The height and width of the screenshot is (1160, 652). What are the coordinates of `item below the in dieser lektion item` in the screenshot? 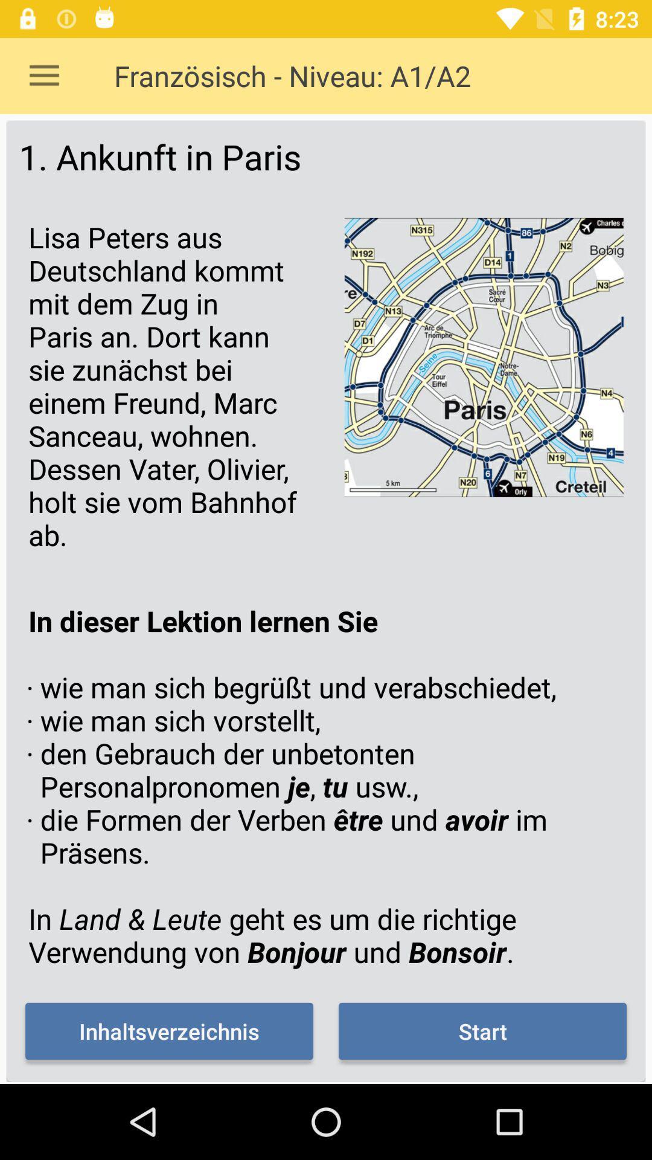 It's located at (482, 1031).